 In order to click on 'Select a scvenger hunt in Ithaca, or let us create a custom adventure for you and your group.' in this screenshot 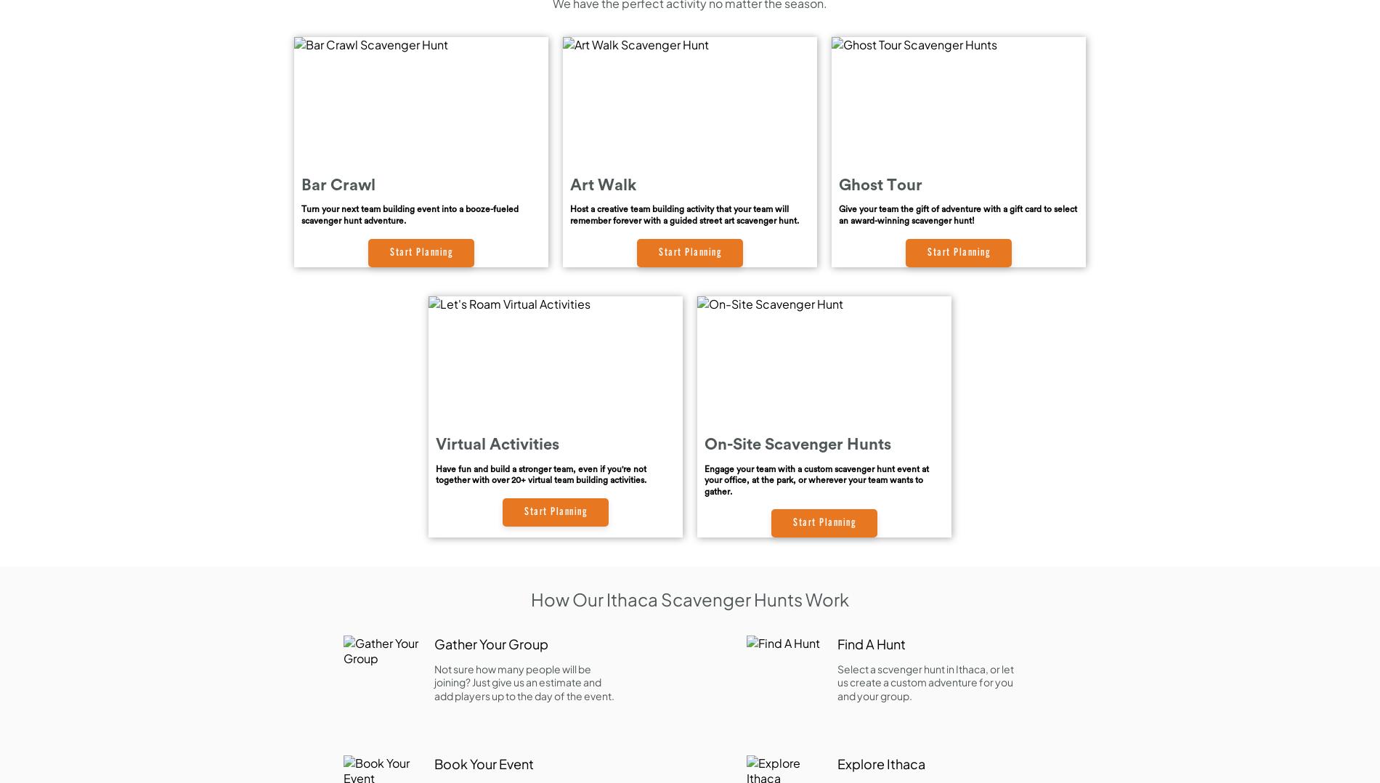, I will do `click(924, 681)`.